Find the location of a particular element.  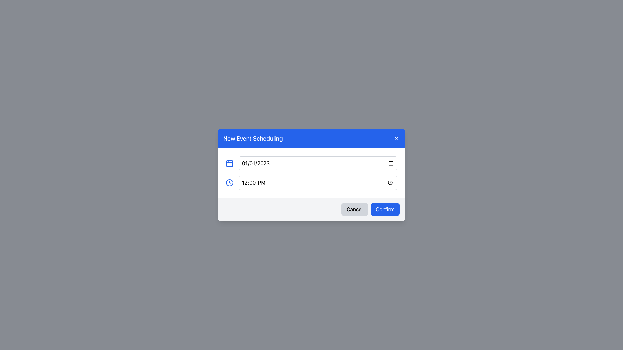

and edit the '12:00 PM' time input field in the Interactive Time Selector Row is located at coordinates (311, 182).